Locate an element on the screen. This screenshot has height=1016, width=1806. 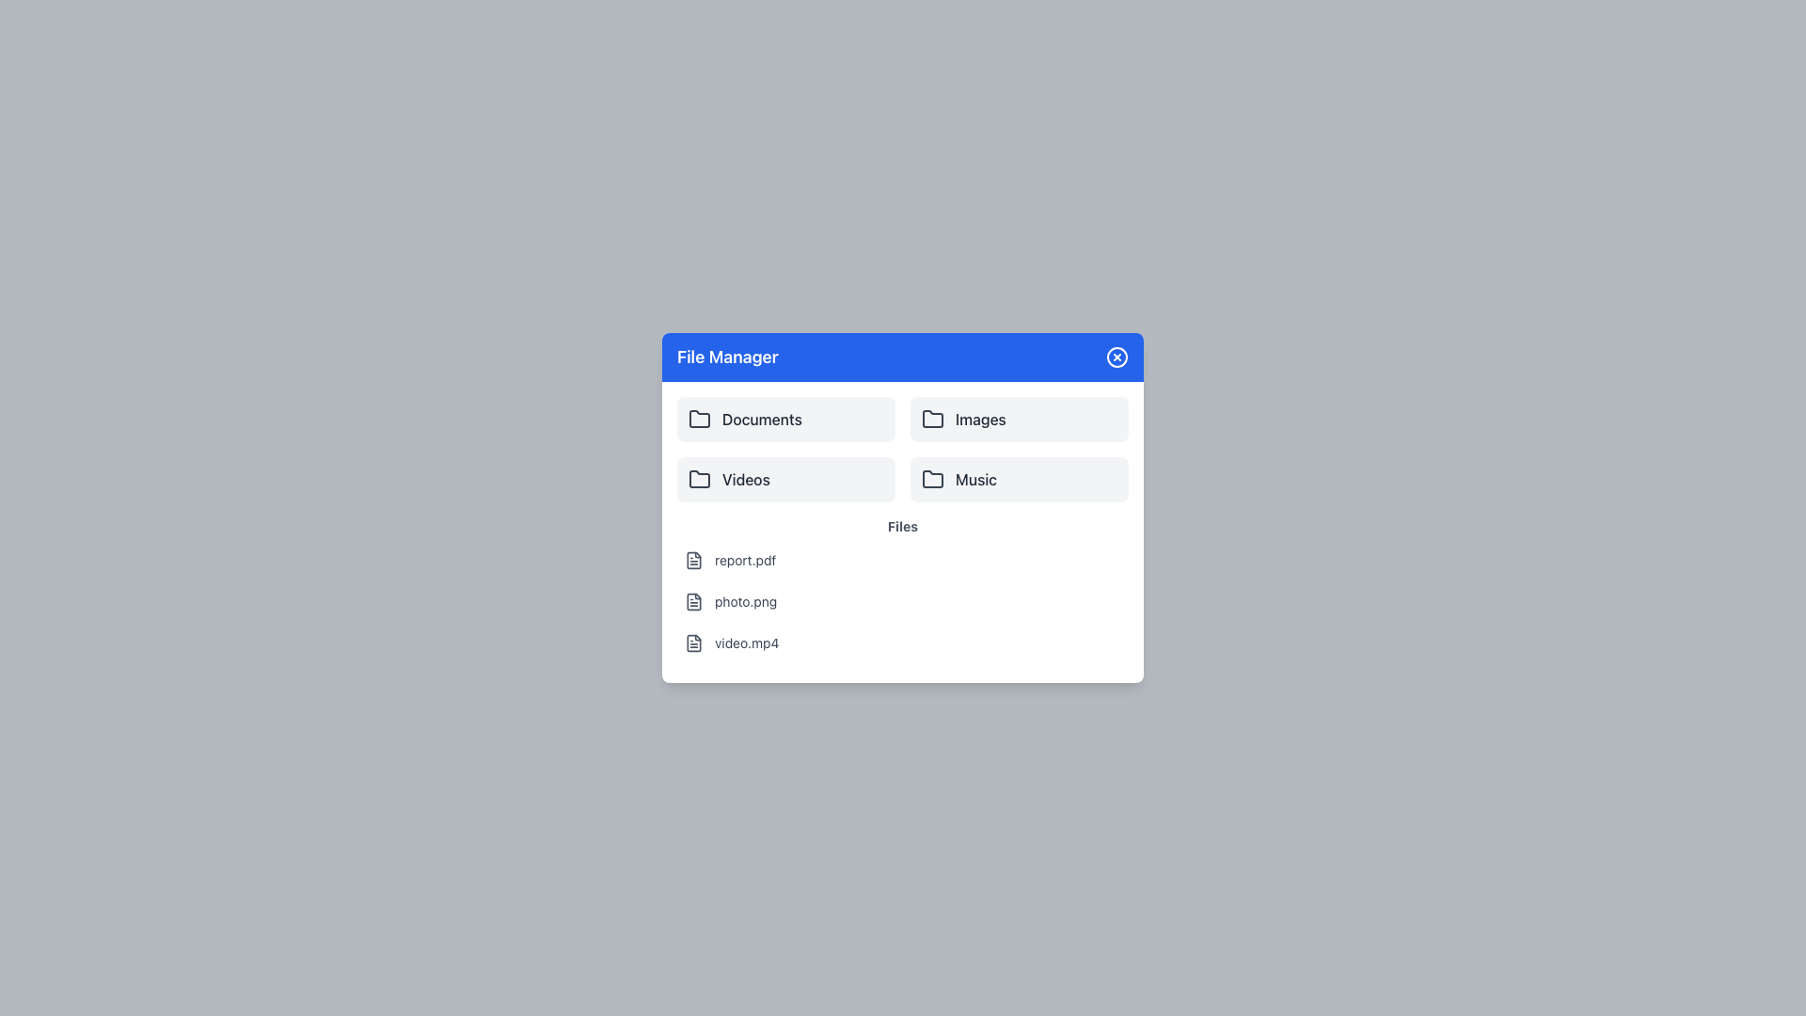
the 'Documents' button in the File Manager interface is located at coordinates (785, 419).